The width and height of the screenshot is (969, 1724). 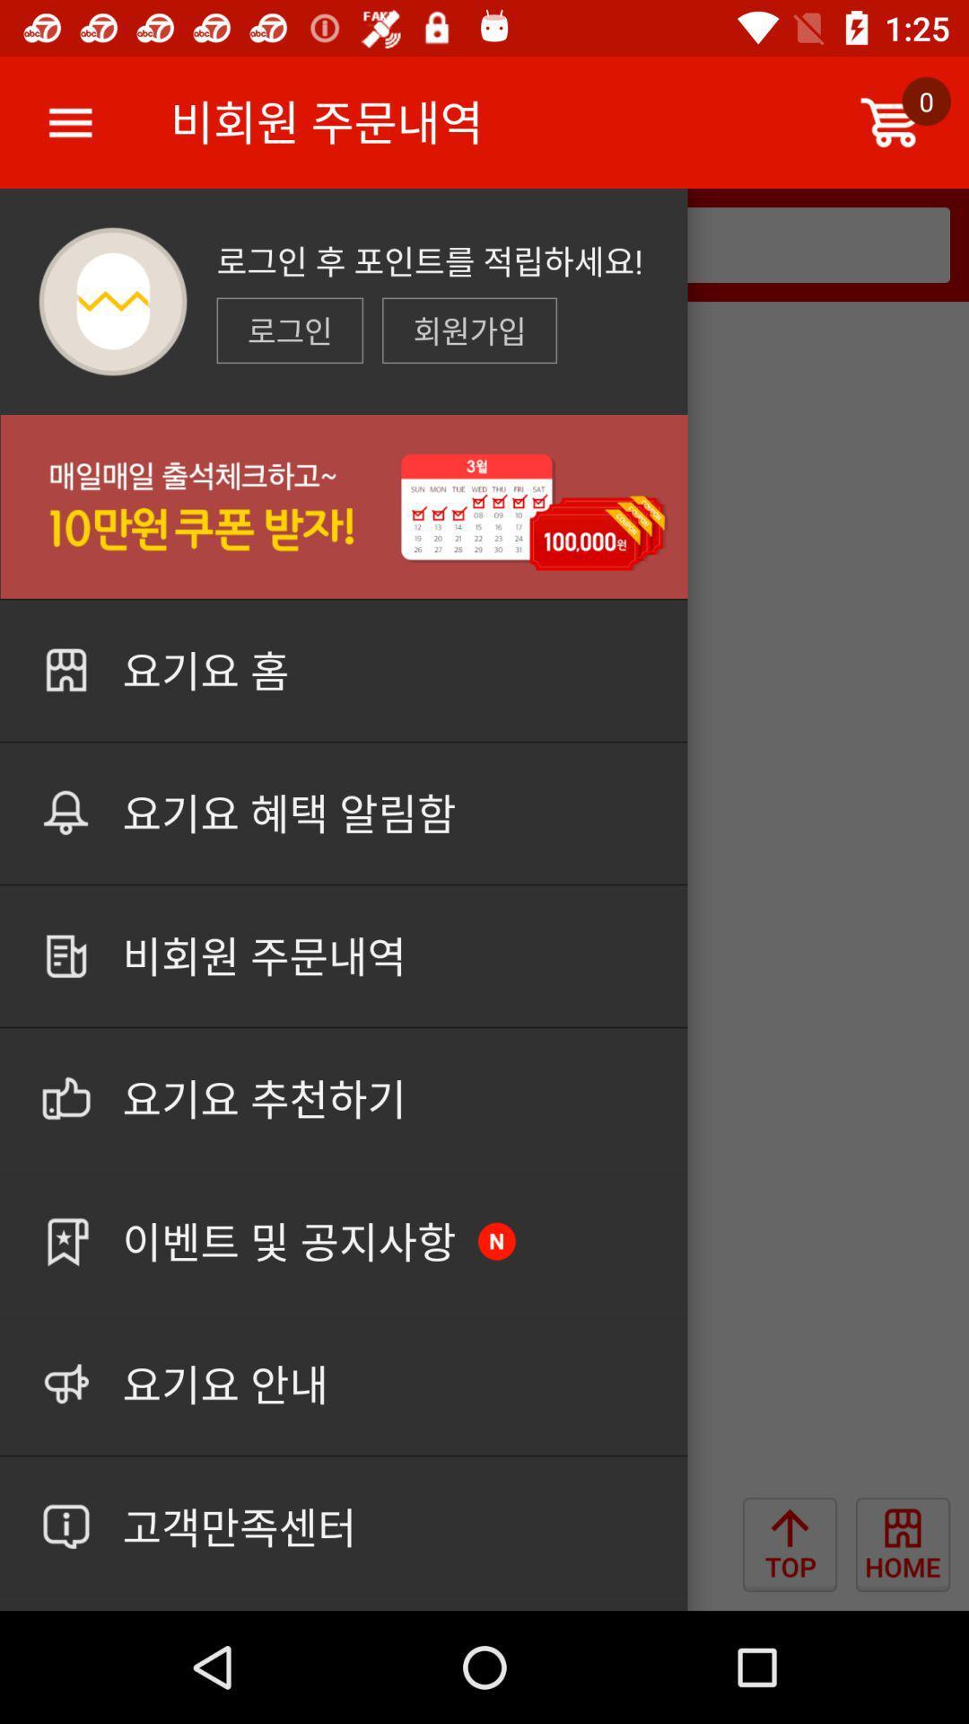 I want to click on the second text right to the circle, so click(x=468, y=330).